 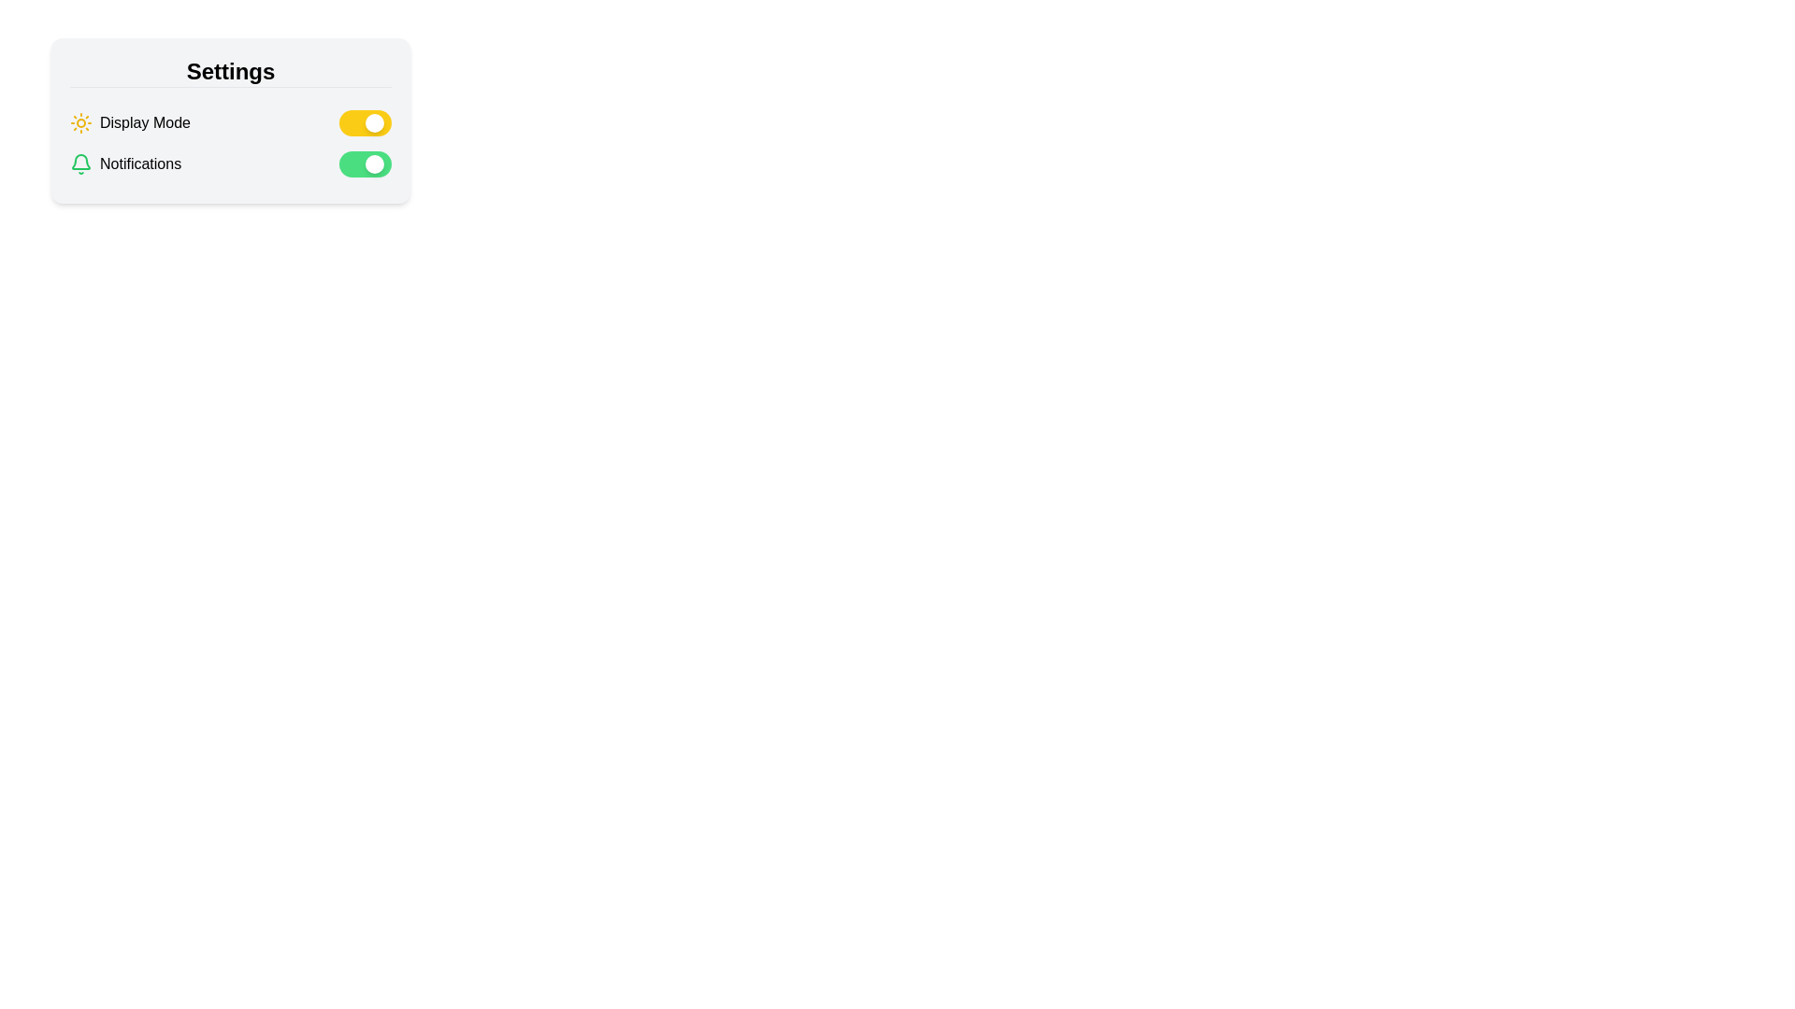 What do you see at coordinates (79, 122) in the screenshot?
I see `the 'Display Mode' icon located in the top-left corner of the settings module, which is aligned to the left of the 'Display Mode' text and toggle switch` at bounding box center [79, 122].